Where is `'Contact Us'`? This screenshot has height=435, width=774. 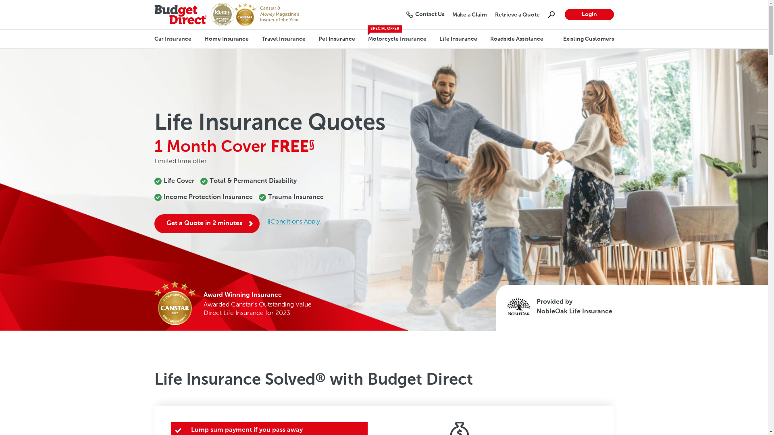
'Contact Us' is located at coordinates (406, 14).